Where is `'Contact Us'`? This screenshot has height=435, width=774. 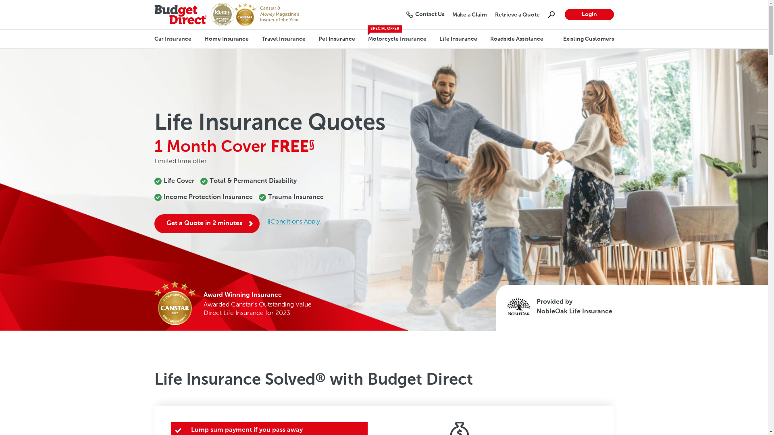
'Contact Us' is located at coordinates (406, 14).